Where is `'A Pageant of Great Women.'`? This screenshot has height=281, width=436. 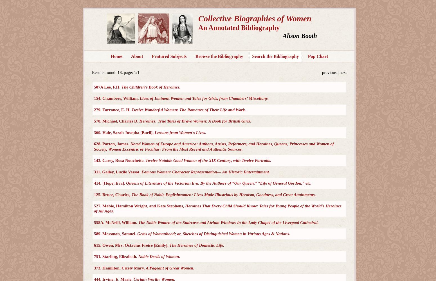 'A Pageant of Great Women.' is located at coordinates (170, 268).